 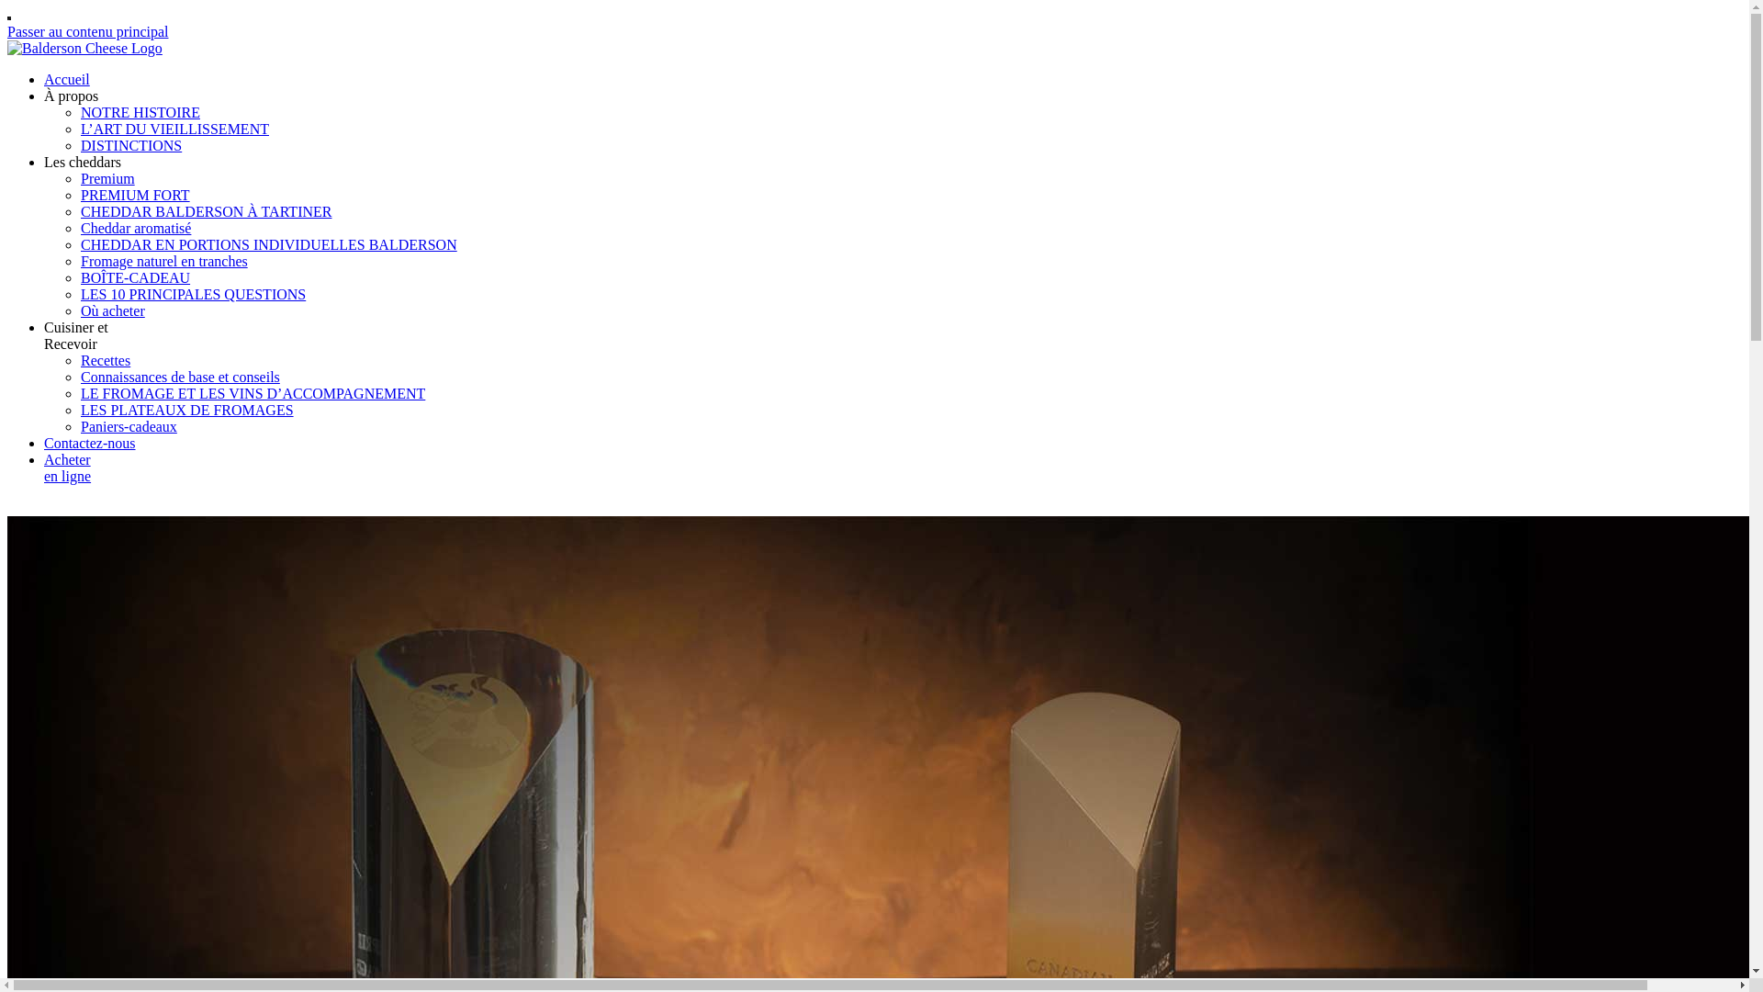 I want to click on 'PREMIUM FORT', so click(x=134, y=195).